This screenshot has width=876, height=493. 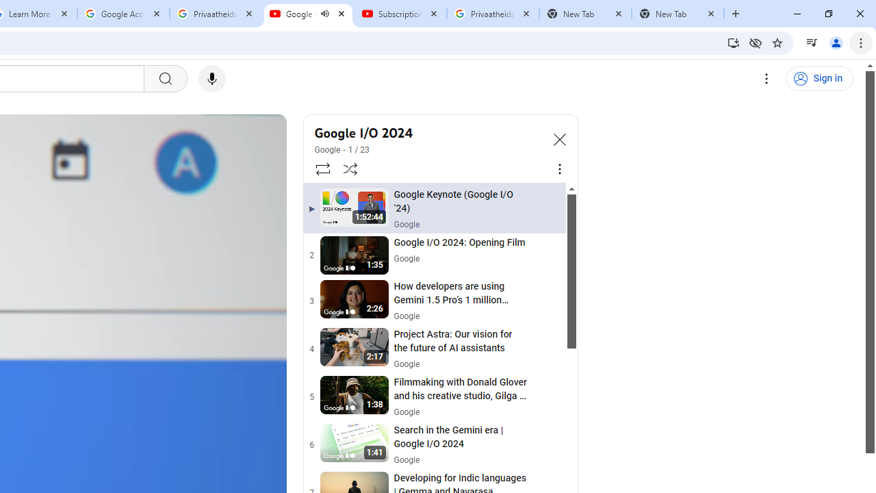 What do you see at coordinates (733, 42) in the screenshot?
I see `'Install YouTube'` at bounding box center [733, 42].